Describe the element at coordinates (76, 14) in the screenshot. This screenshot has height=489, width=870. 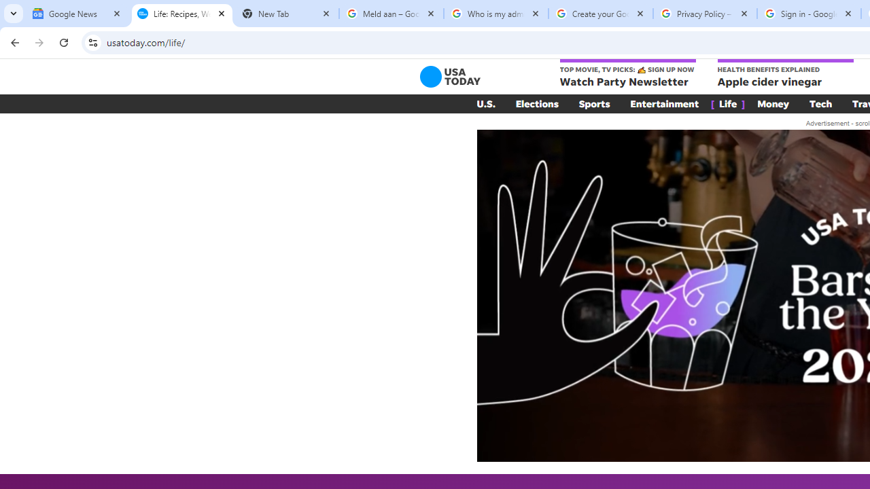
I see `'Google News'` at that location.